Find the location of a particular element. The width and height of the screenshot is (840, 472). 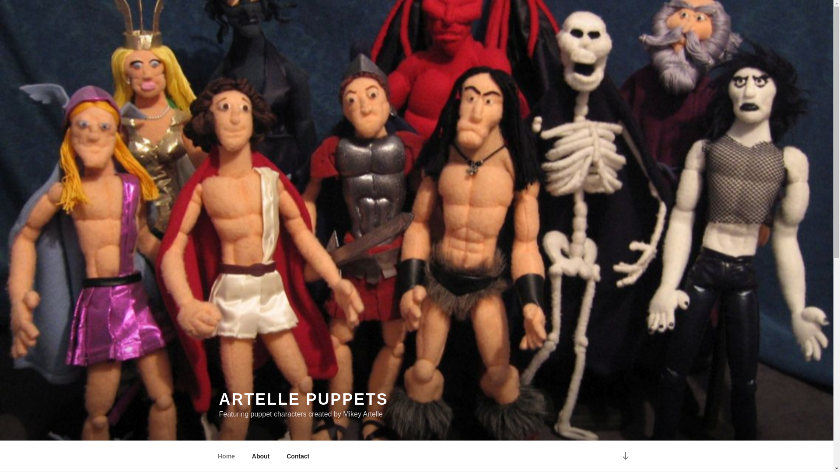

'ARTELLE PUPPETS' is located at coordinates (303, 399).